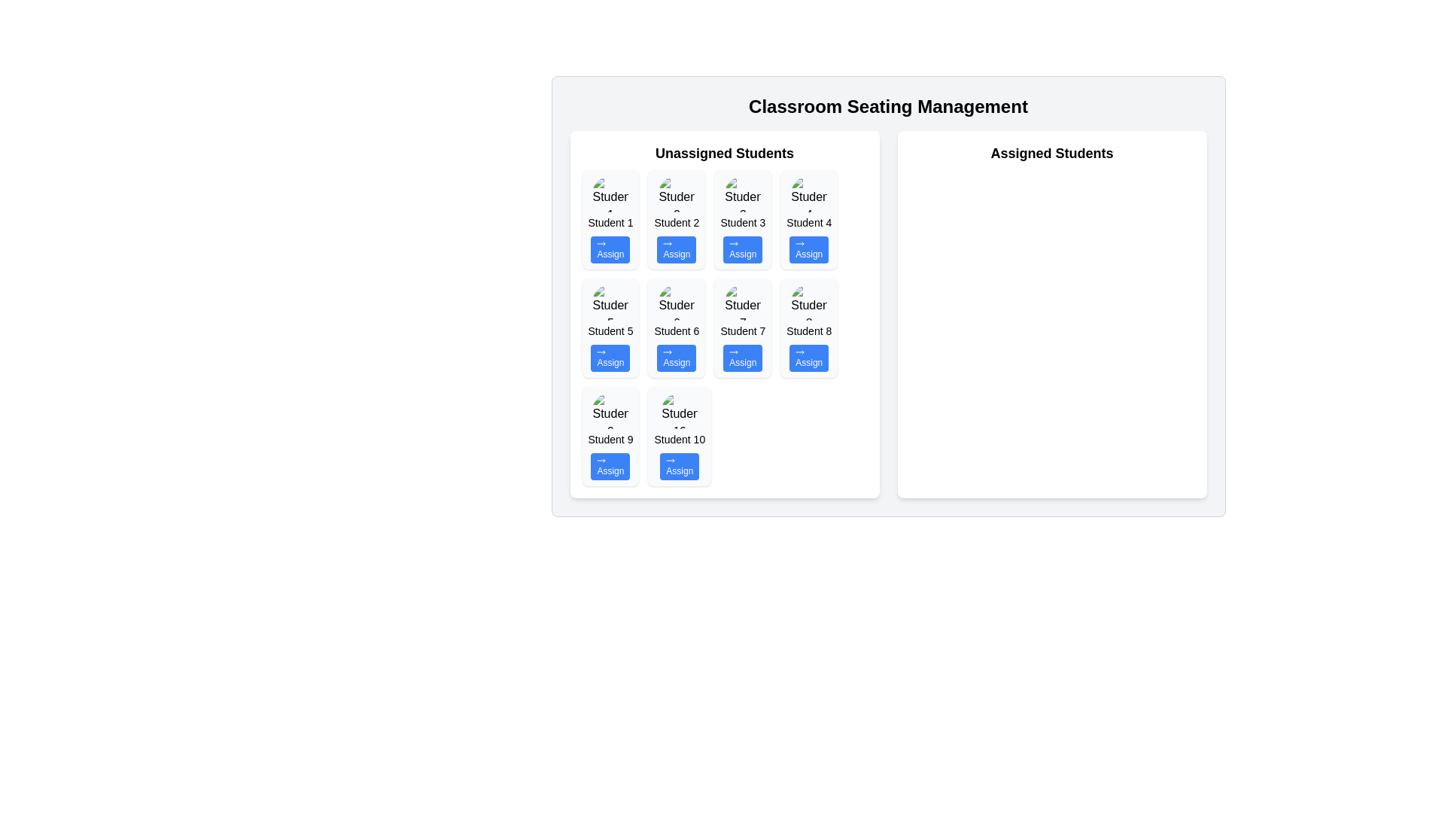 This screenshot has width=1445, height=813. What do you see at coordinates (799, 243) in the screenshot?
I see `the small right-facing arrow icon with a blue background and white stroke, which is located next to the 'Assign' label in the fourth grid item of the 'Unassigned Students' section` at bounding box center [799, 243].